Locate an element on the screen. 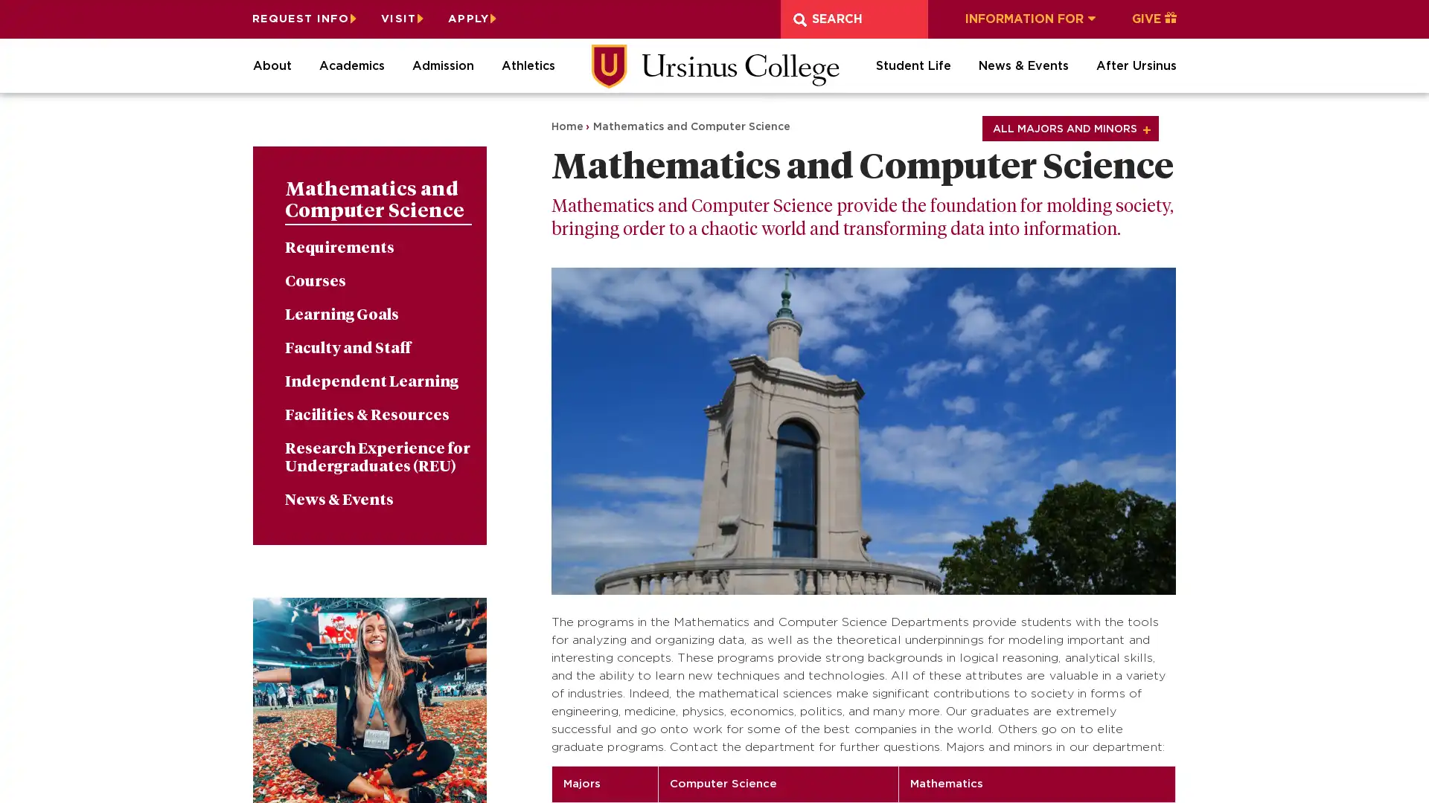 The width and height of the screenshot is (1429, 803). Search Maginifying Glass is located at coordinates (799, 19).